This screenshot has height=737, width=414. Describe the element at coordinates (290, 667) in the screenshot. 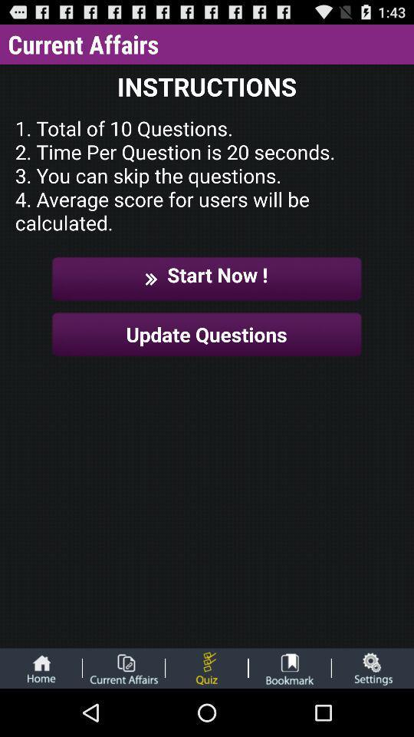

I see `icon below the update questions` at that location.